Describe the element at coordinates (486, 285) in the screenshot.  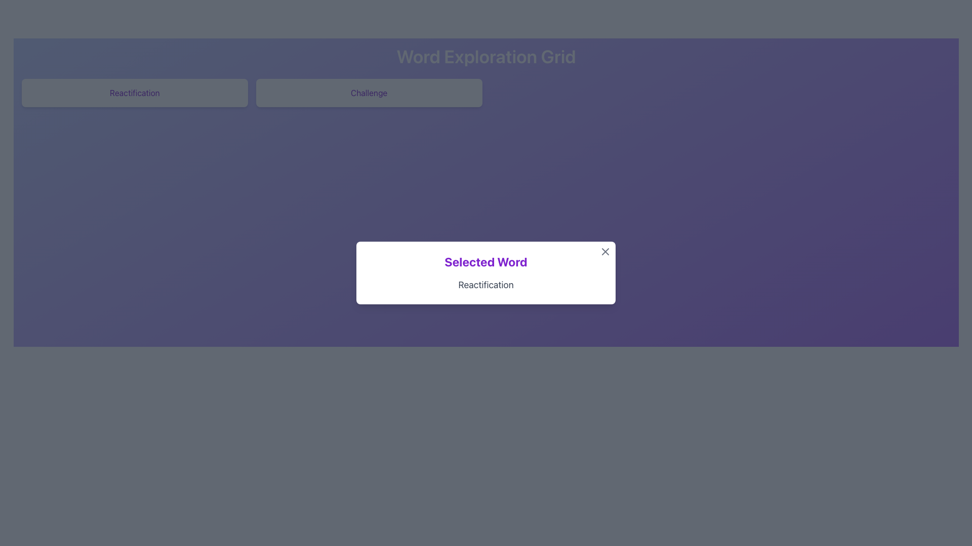
I see `the Text Display element that shows the word 'Reactification', which is centrally aligned at the bottom of the dialog box below 'Selected Word'` at that location.